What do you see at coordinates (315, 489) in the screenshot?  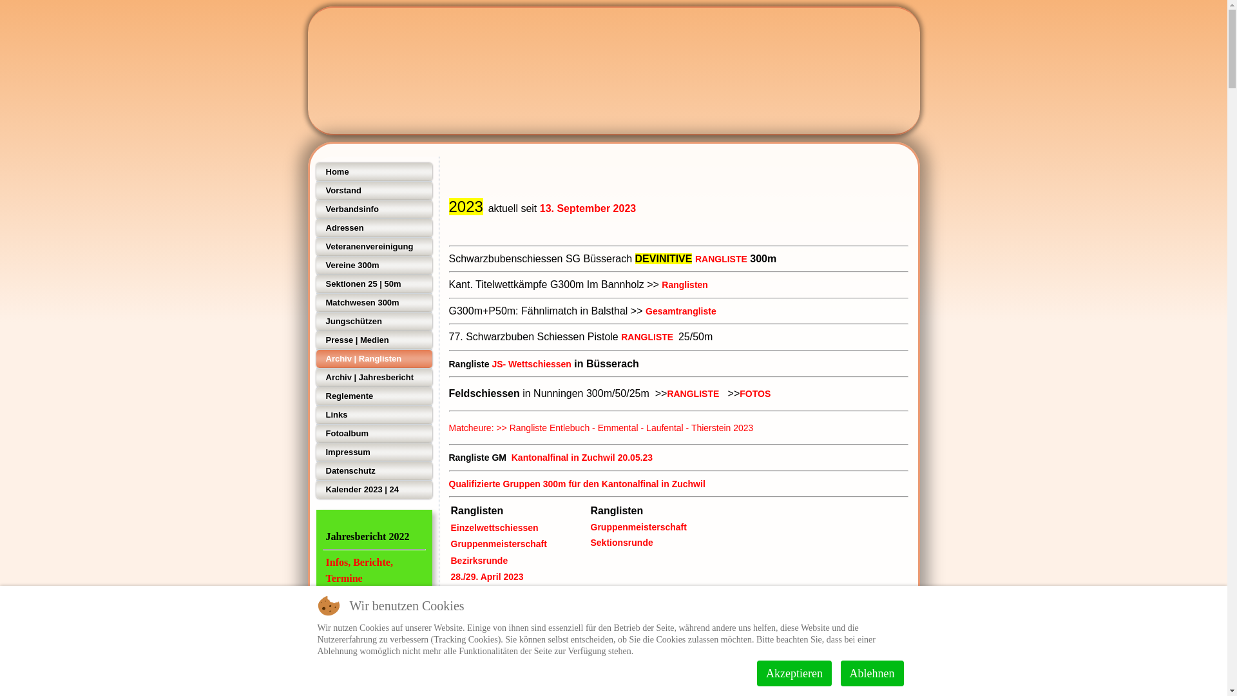 I see `'Kalender 2023 | 24'` at bounding box center [315, 489].